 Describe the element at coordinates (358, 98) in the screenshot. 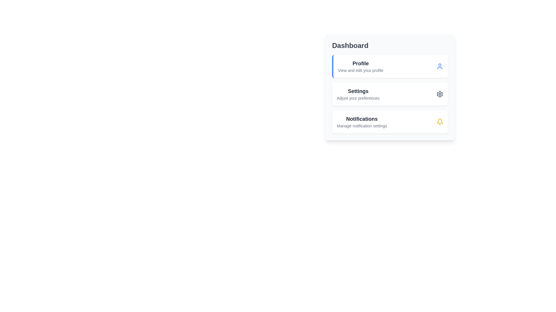

I see `the descriptive text label located below the 'Settings' heading in the 'Settings' section of the vertical menu` at that location.